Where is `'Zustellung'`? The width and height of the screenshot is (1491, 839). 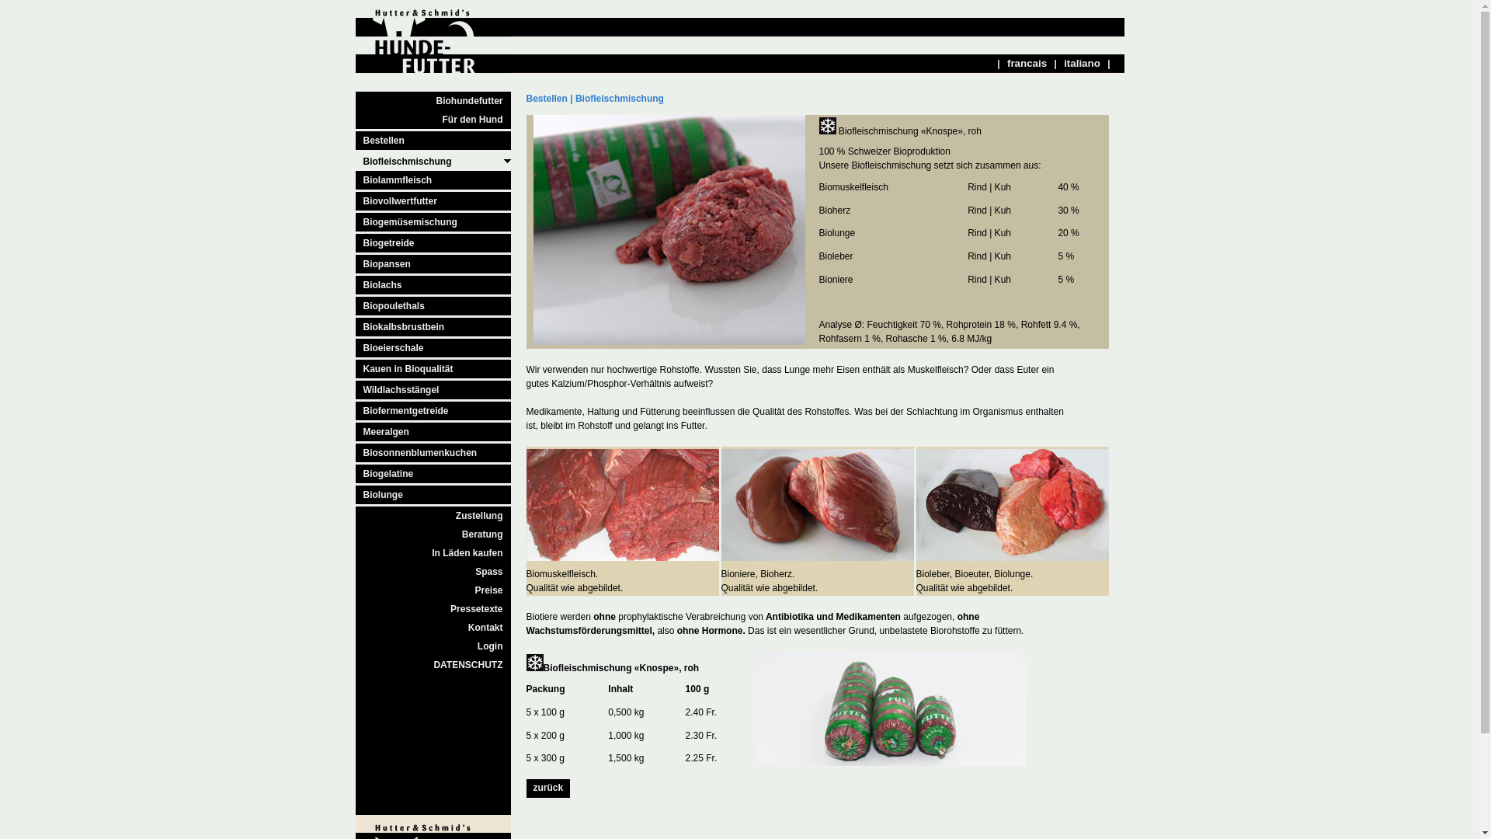
'Zustellung' is located at coordinates (433, 515).